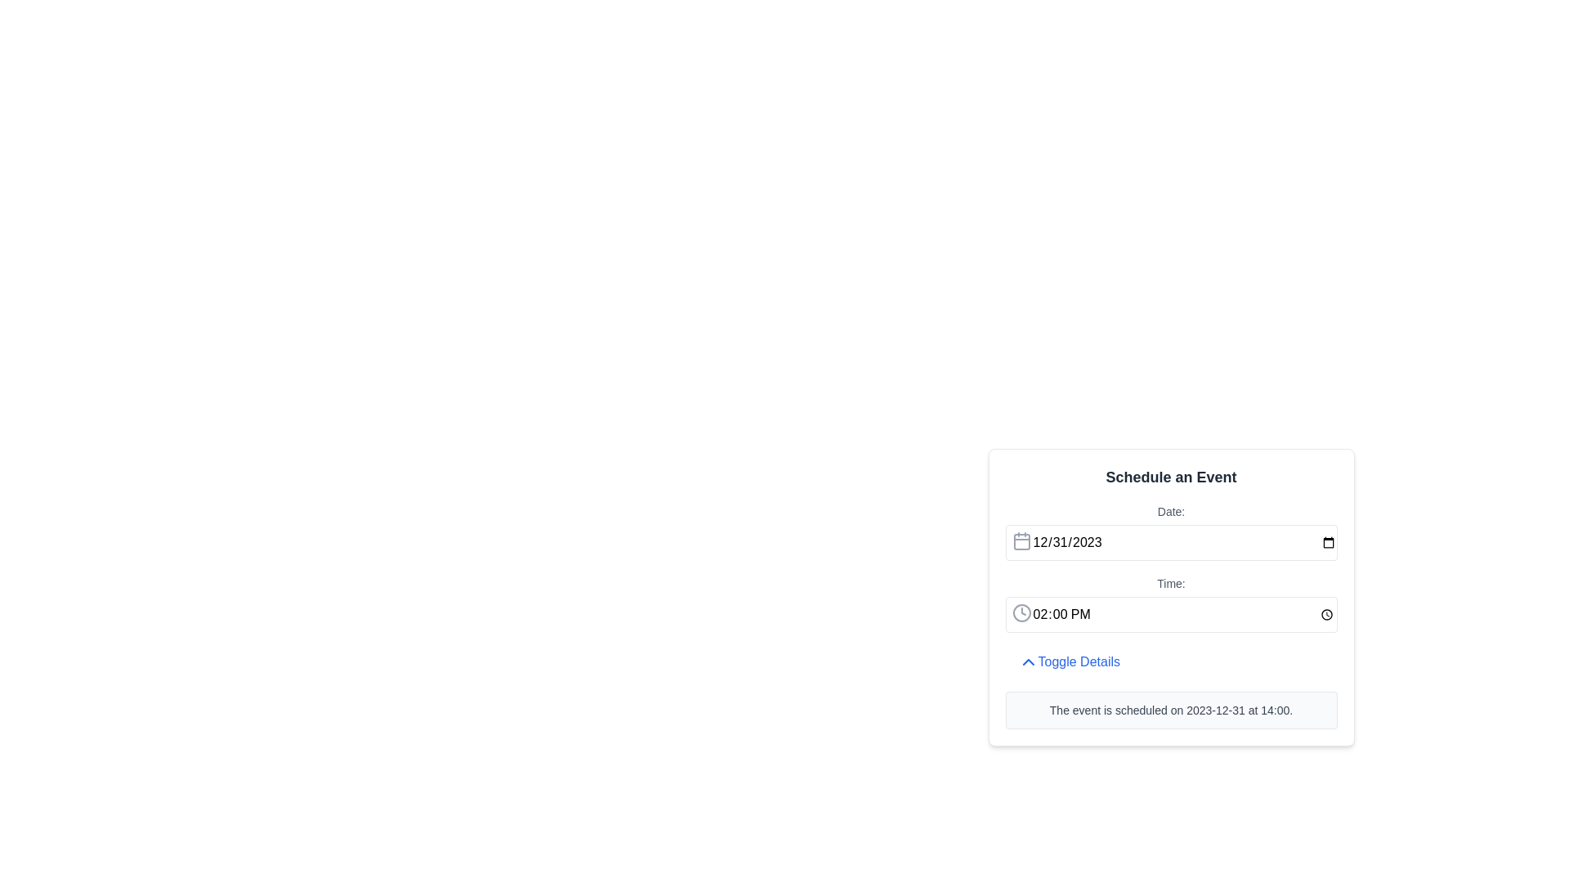 This screenshot has width=1570, height=883. Describe the element at coordinates (1170, 582) in the screenshot. I see `the label displaying 'Time:' which is styled in gray and positioned beneath the 'Date:' section within the 'Schedule an Event' panel` at that location.